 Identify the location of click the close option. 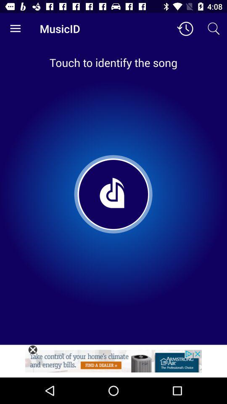
(32, 350).